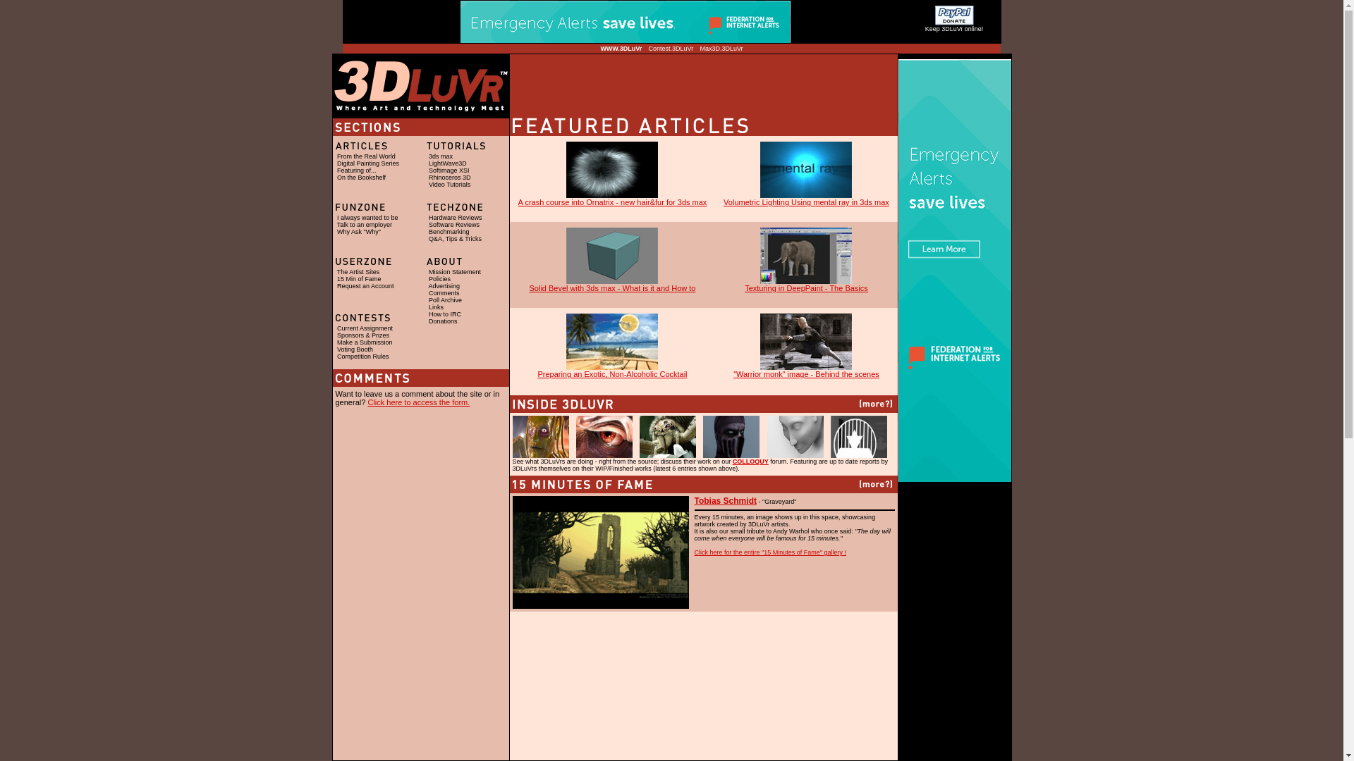 The width and height of the screenshot is (1354, 761). I want to click on 'Hardware Reviews', so click(456, 217).